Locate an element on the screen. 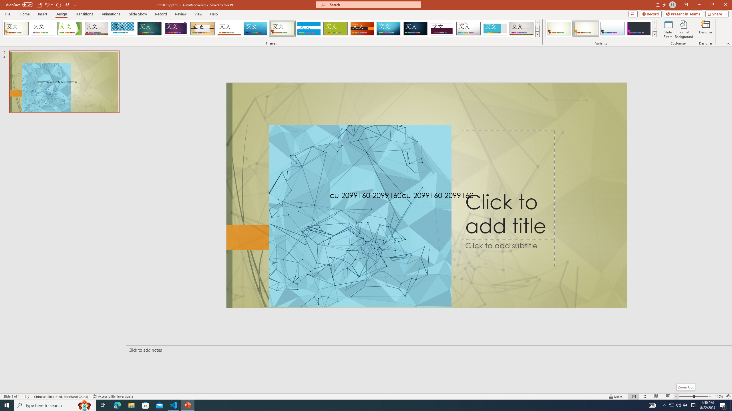 The height and width of the screenshot is (411, 732). 'Zoom 110%' is located at coordinates (719, 396).